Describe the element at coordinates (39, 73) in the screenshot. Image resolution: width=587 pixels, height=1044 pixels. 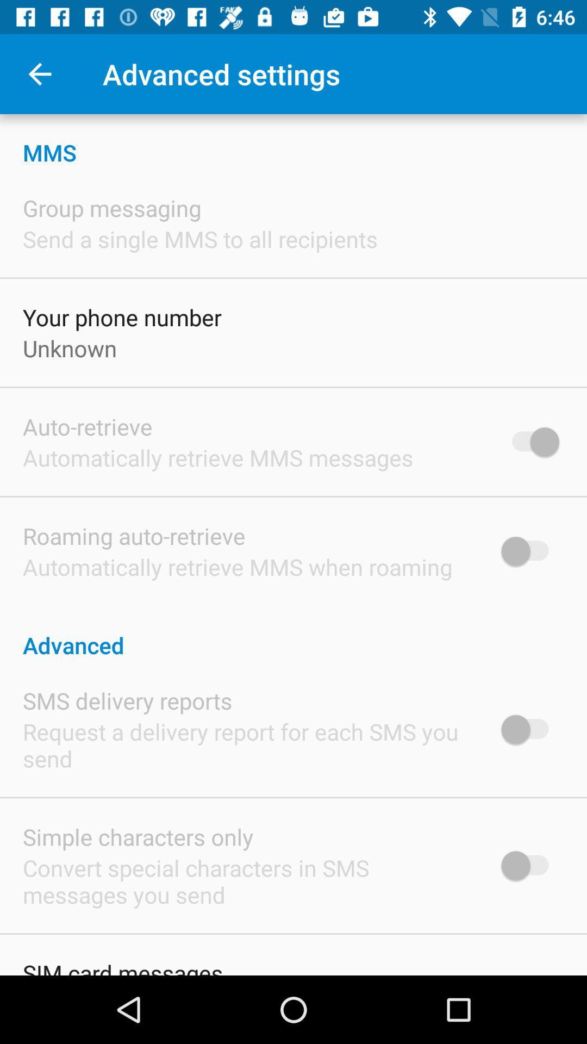
I see `icon to the left of the advanced settings` at that location.